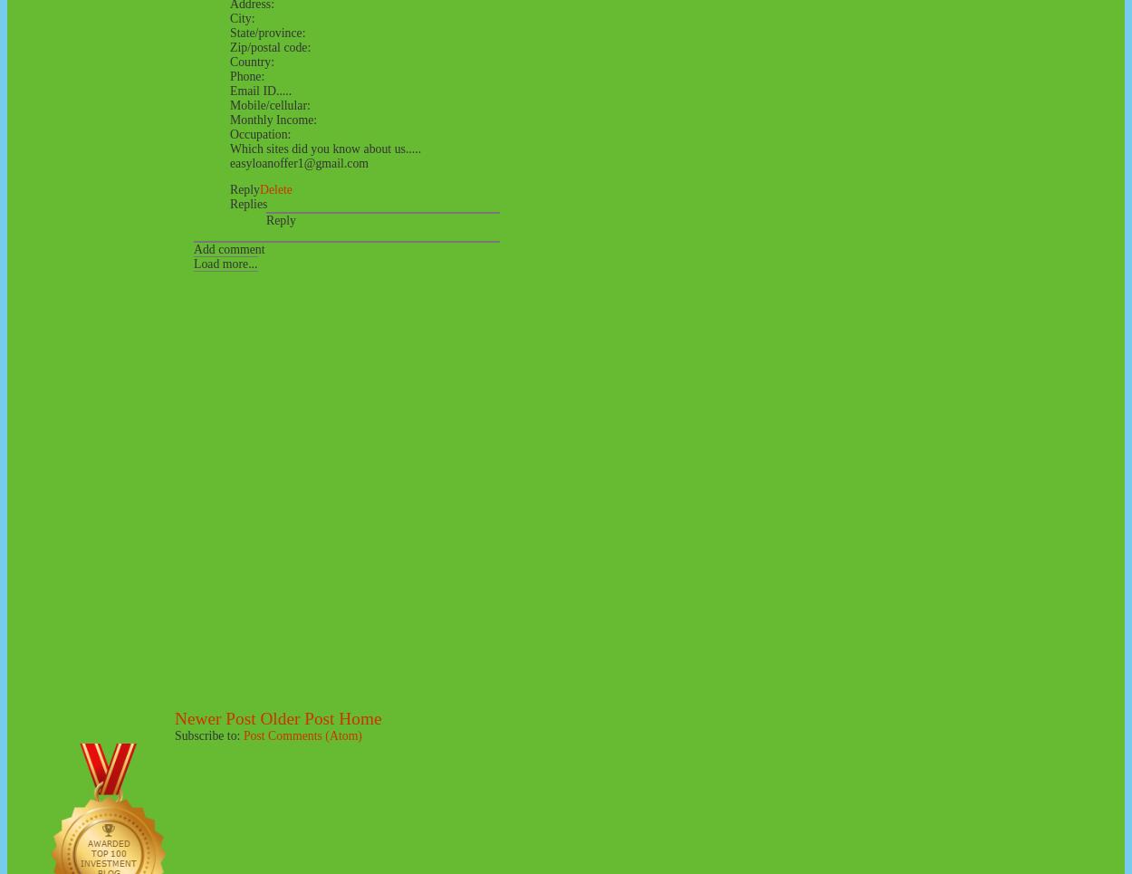 The image size is (1132, 874). I want to click on 'Monthly Income:', so click(273, 119).